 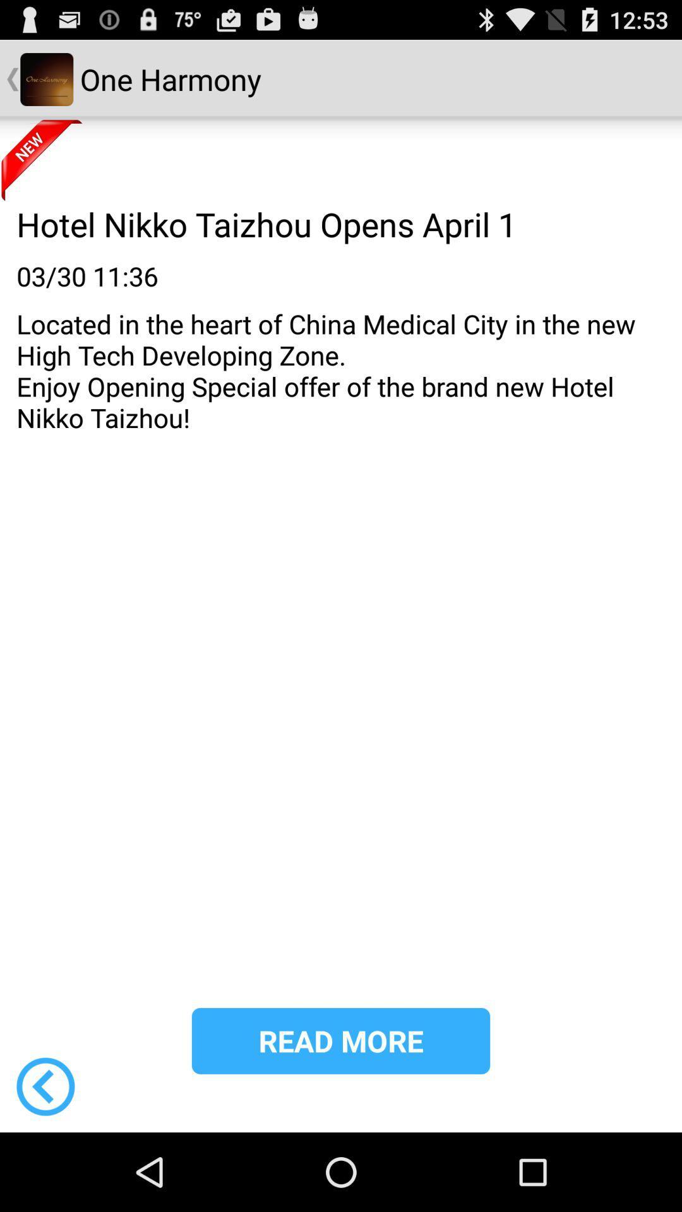 I want to click on the item at the bottom left corner, so click(x=45, y=1086).